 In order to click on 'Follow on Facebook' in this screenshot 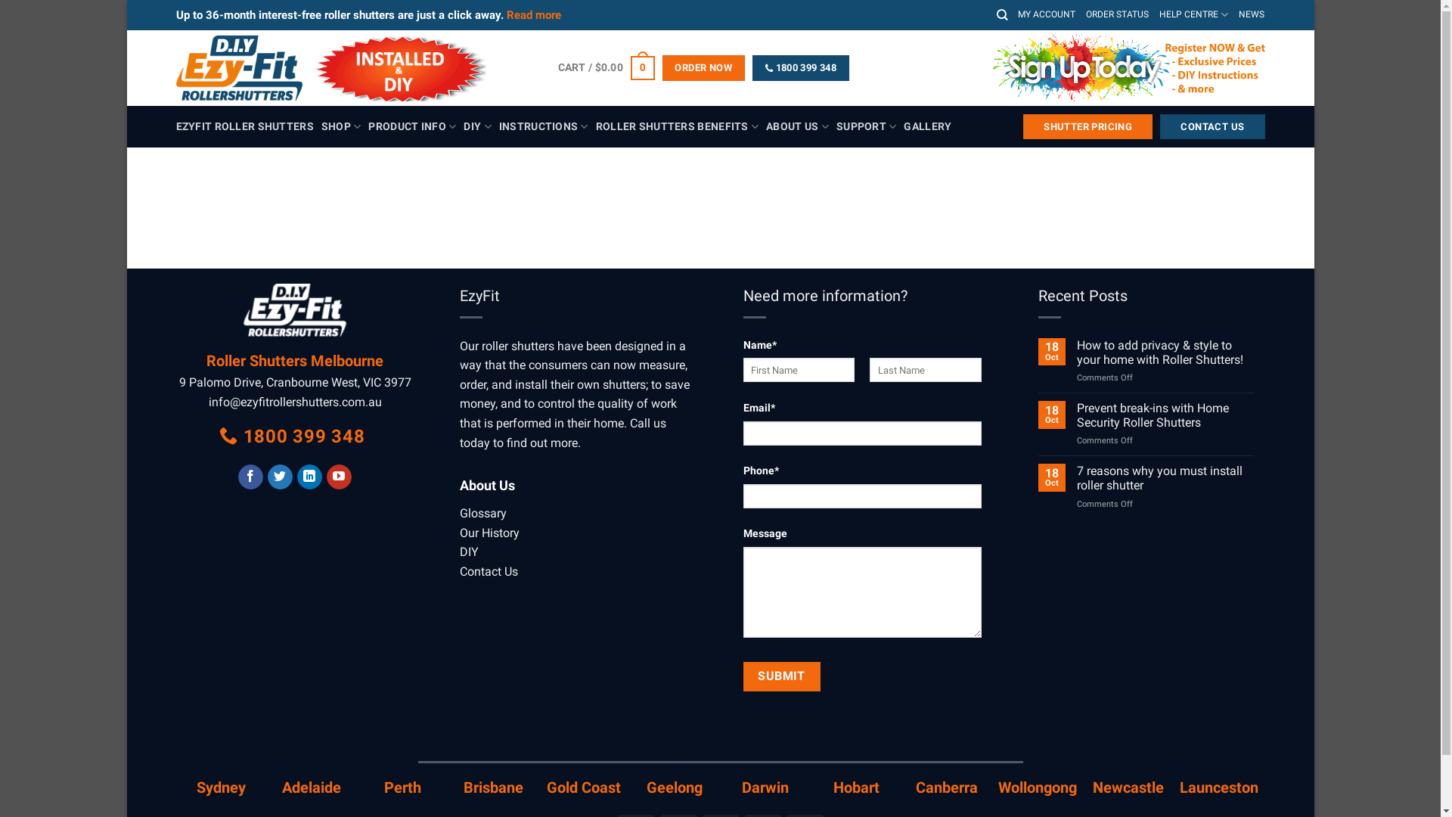, I will do `click(250, 477)`.